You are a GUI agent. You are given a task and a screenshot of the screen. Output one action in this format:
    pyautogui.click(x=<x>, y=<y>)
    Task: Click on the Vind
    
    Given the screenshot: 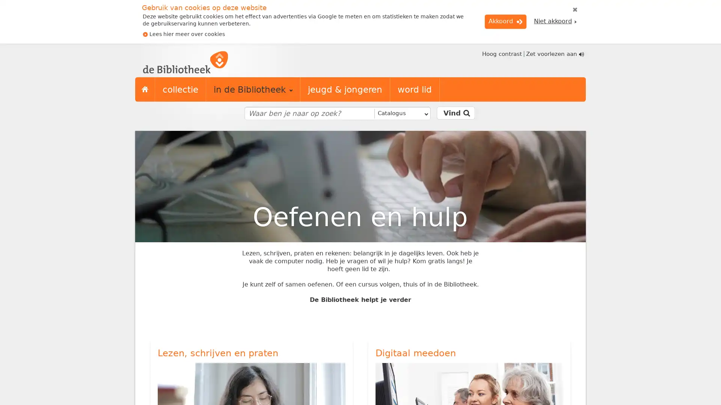 What is the action you would take?
    pyautogui.click(x=455, y=113)
    